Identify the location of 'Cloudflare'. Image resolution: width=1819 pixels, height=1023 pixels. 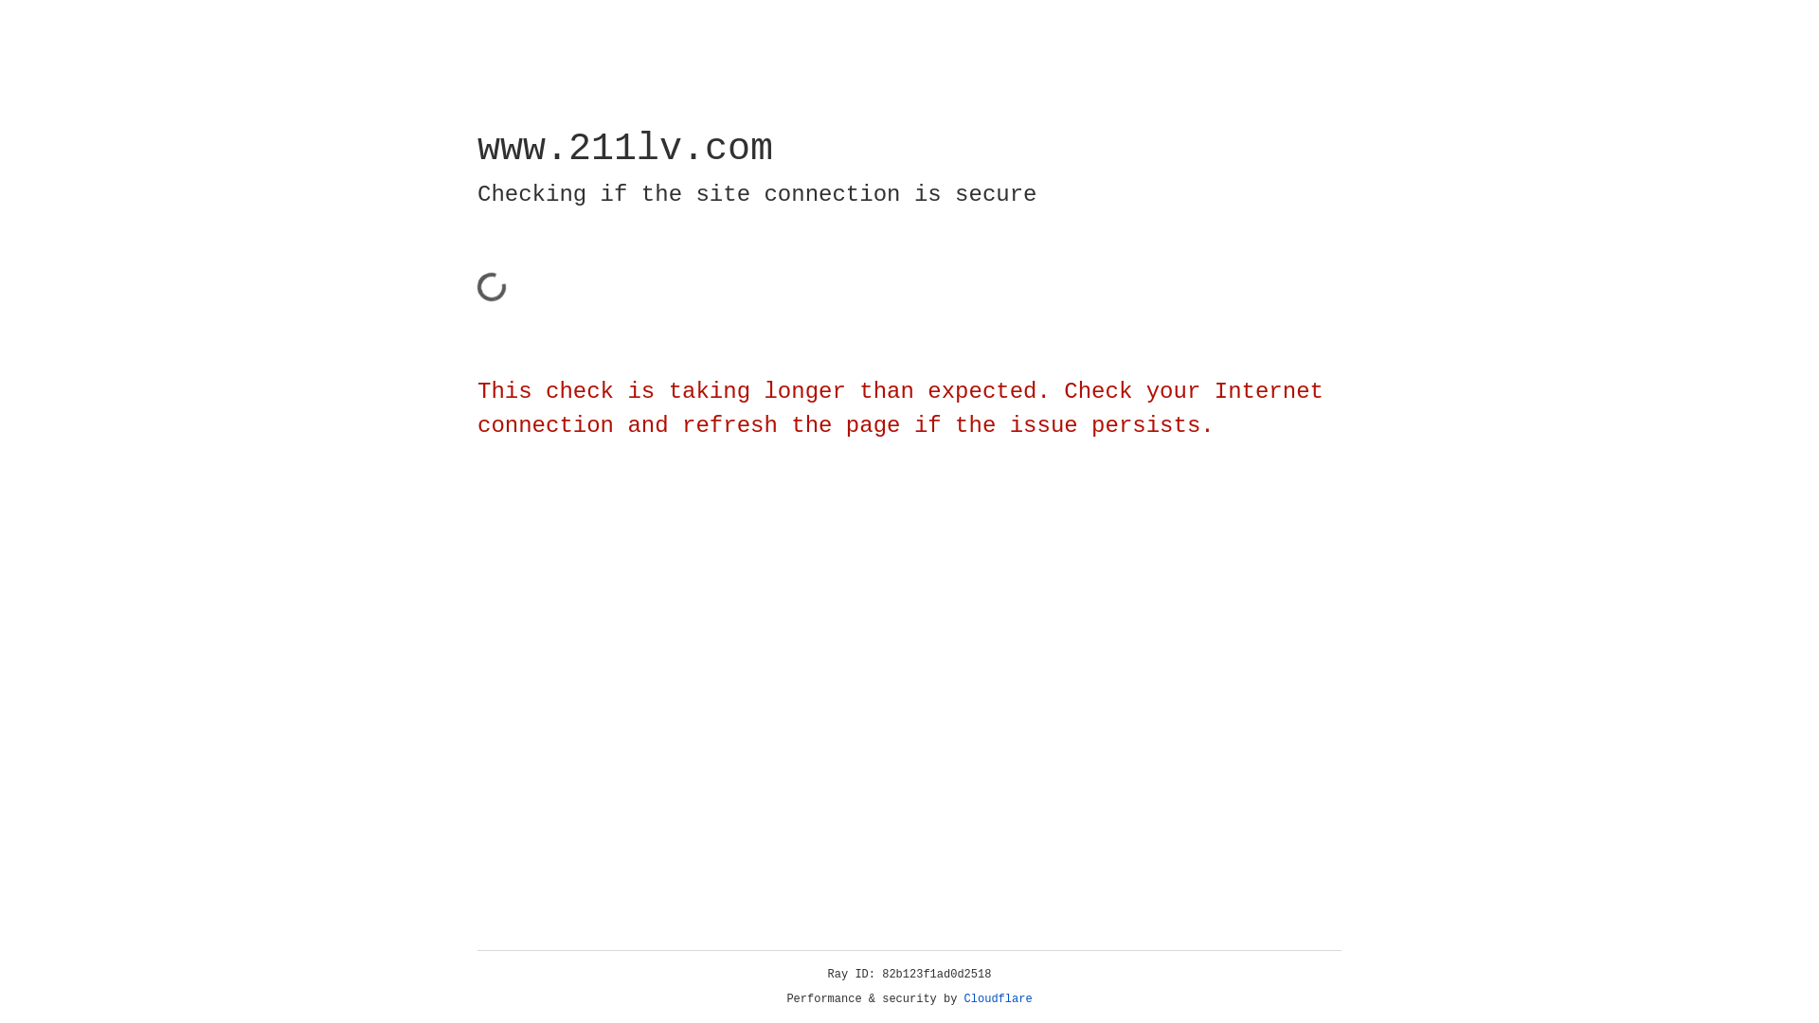
(998, 998).